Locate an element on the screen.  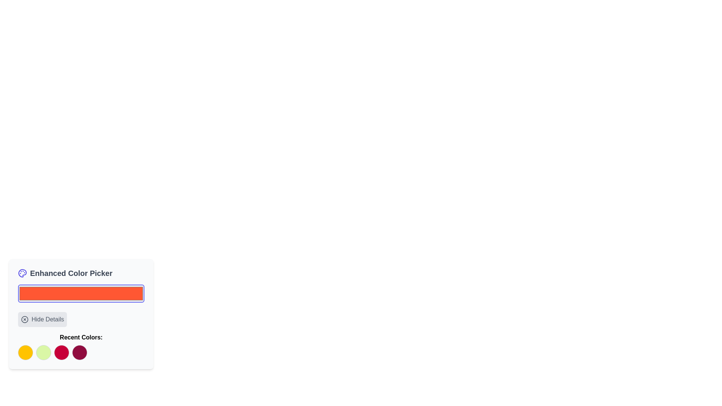
the circular button with a red background and gray border, which is the third button in a horizontal row beneath the 'Recent Colors:' label is located at coordinates (61, 352).